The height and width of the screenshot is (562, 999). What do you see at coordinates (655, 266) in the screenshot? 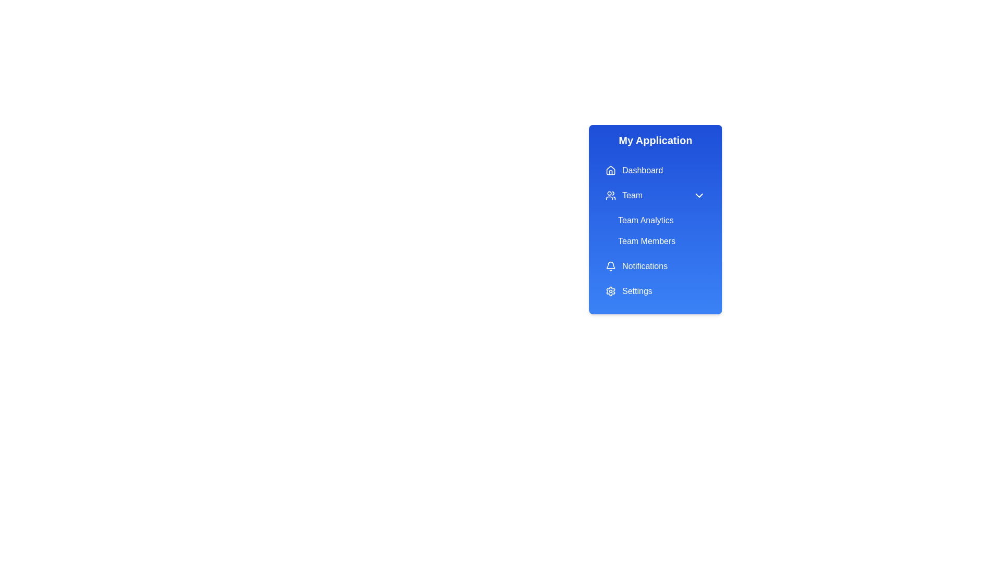
I see `the fifth navigation button in the sidebar menu, located between 'Team Members' and 'Settings'` at bounding box center [655, 266].